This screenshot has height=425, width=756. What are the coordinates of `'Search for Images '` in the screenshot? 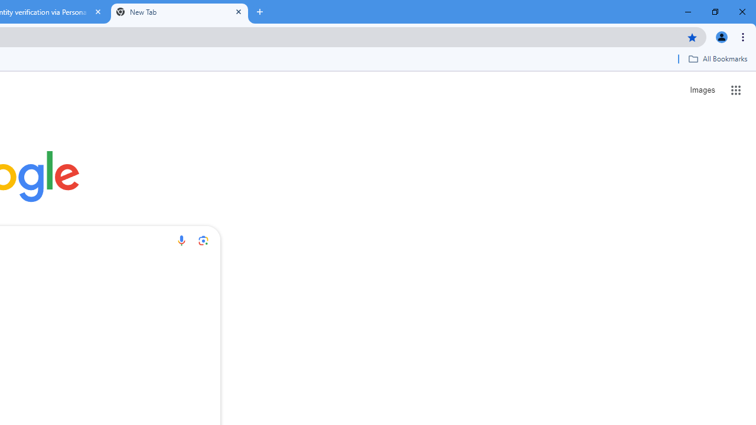 It's located at (702, 90).